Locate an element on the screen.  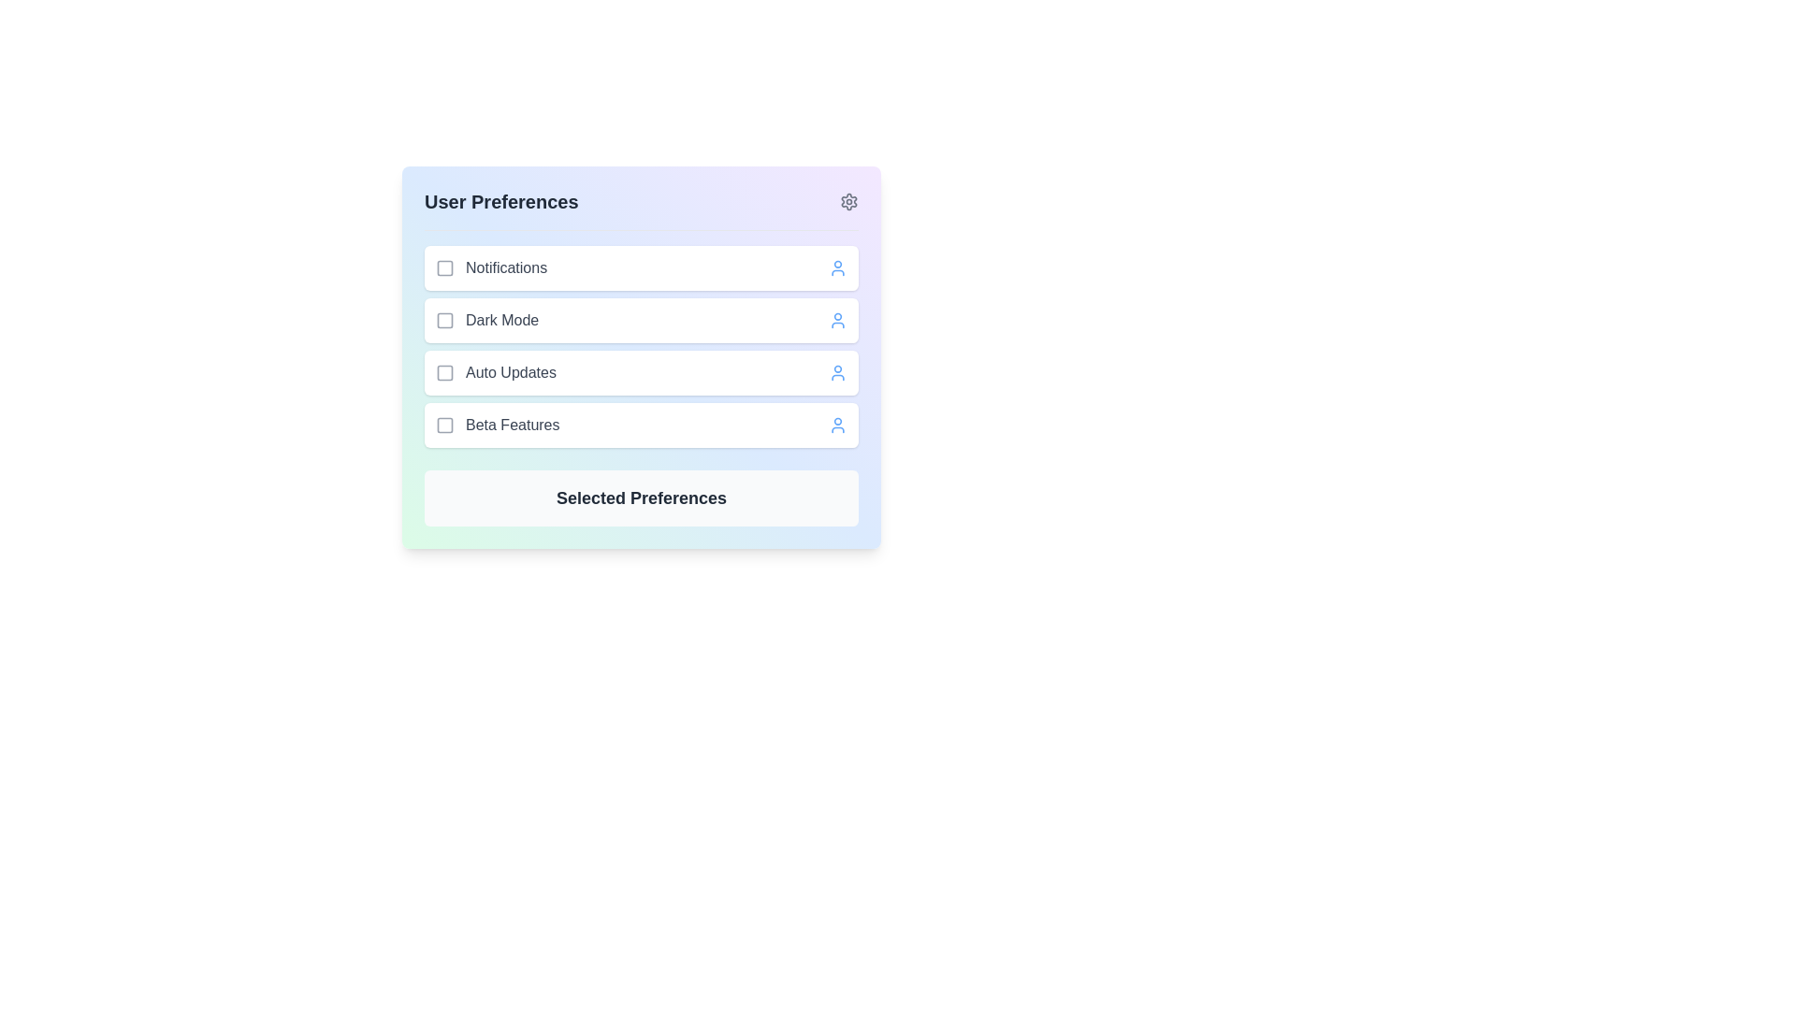
the checkbox state indicator for 'Auto Updates' is located at coordinates (443, 372).